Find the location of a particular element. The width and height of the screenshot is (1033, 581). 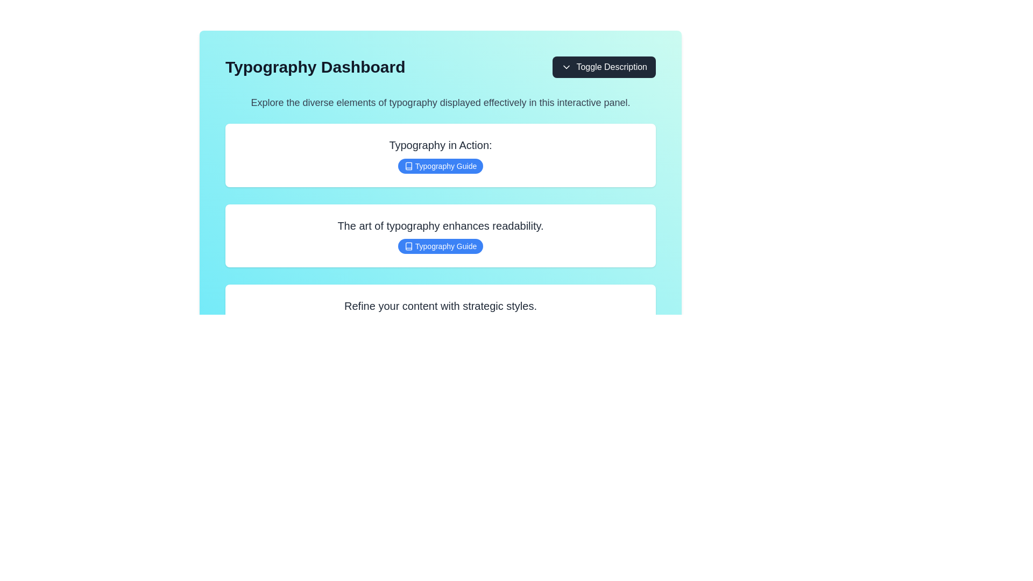

the button located within the rectangular card below the text 'The art of typography enhances readability.' is located at coordinates (441, 246).